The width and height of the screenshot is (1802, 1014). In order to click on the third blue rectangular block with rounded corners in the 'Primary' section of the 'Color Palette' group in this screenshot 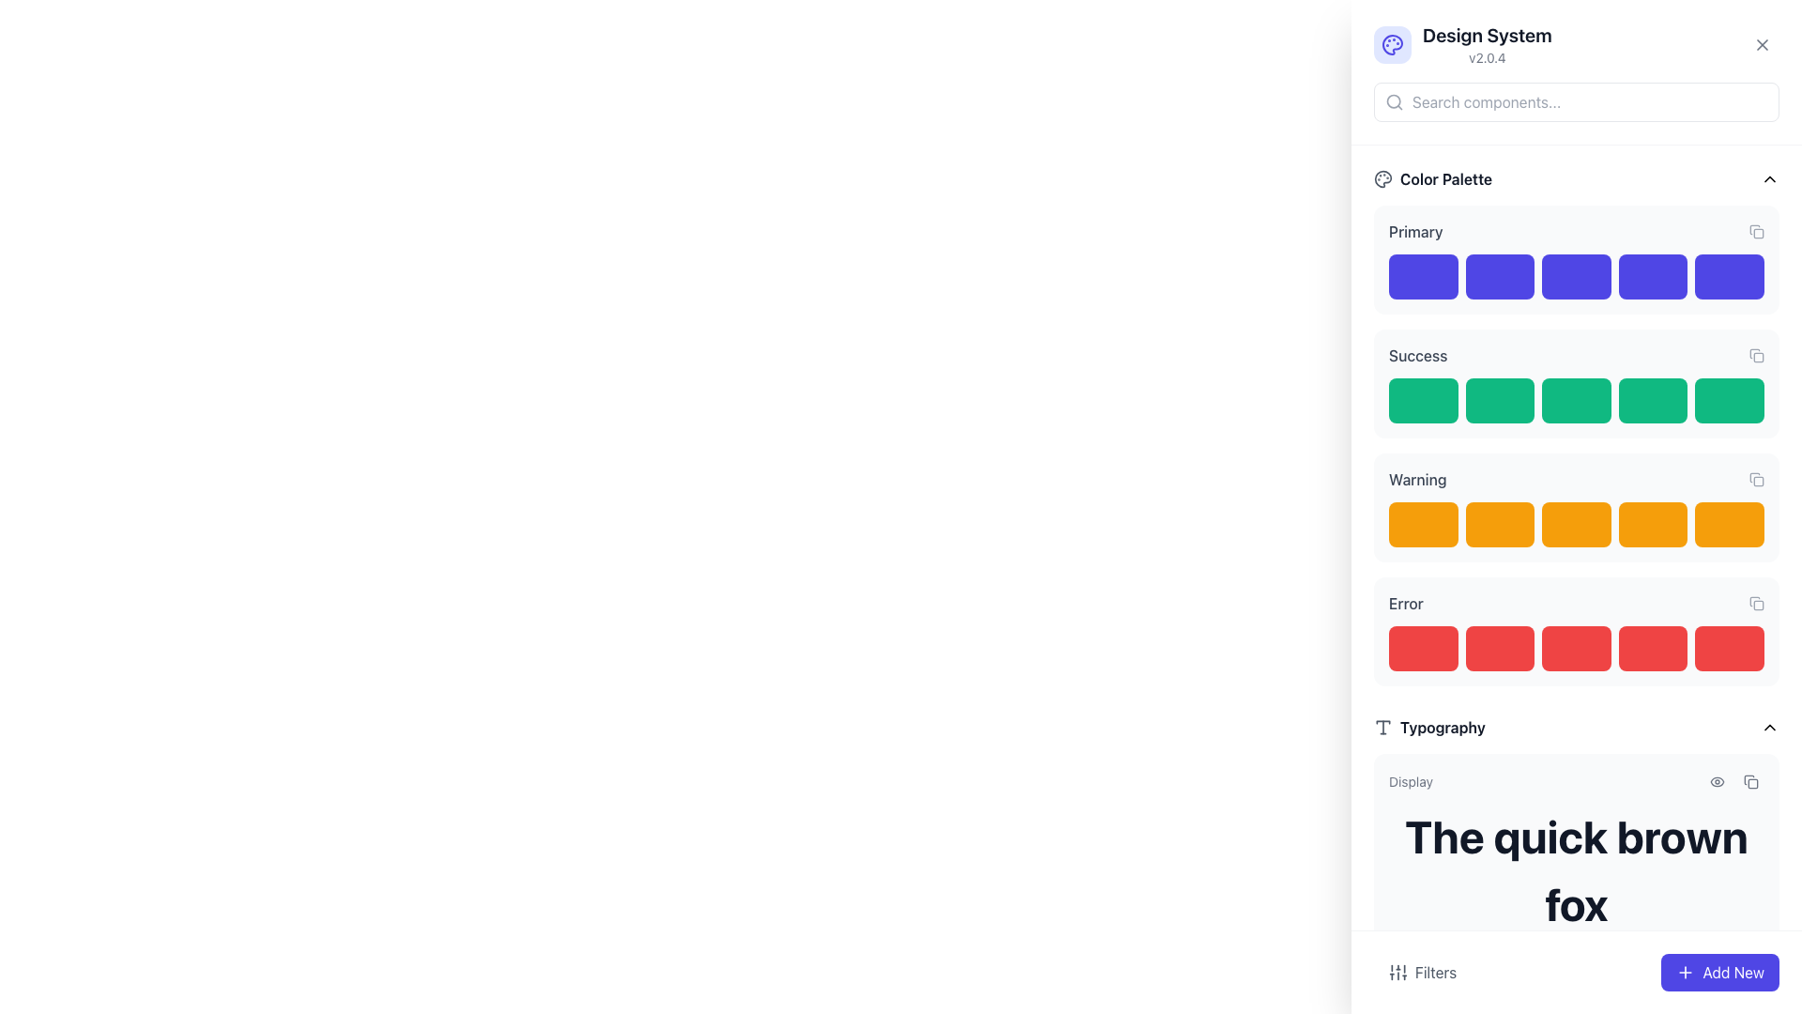, I will do `click(1577, 276)`.